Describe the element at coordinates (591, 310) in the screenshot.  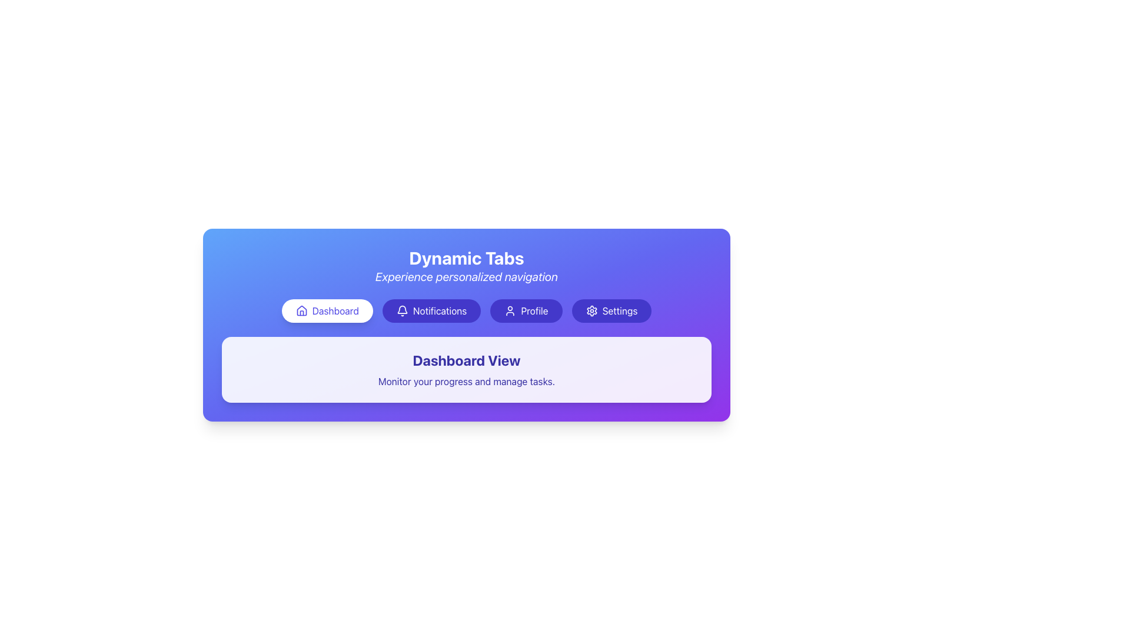
I see `the gear-shaped settings icon located to the left of the 'Settings' text label within the dark purple rounded rectangular button` at that location.